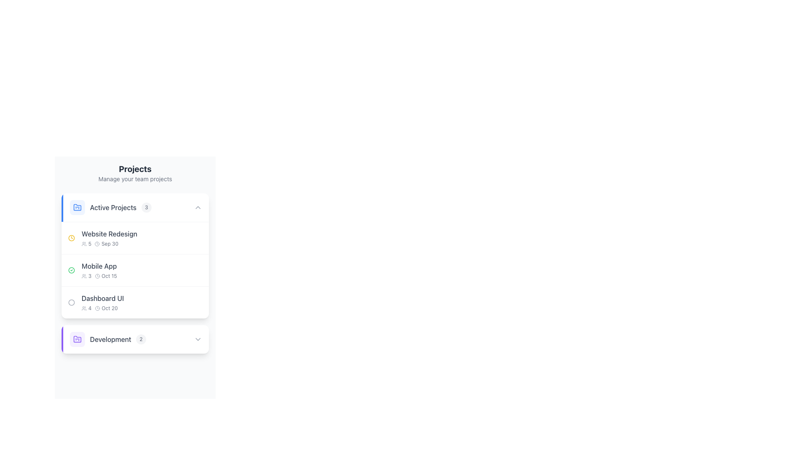 The width and height of the screenshot is (804, 452). Describe the element at coordinates (135, 179) in the screenshot. I see `the descriptive label providing context for managing team projects, located directly beneath the 'Projects' title` at that location.